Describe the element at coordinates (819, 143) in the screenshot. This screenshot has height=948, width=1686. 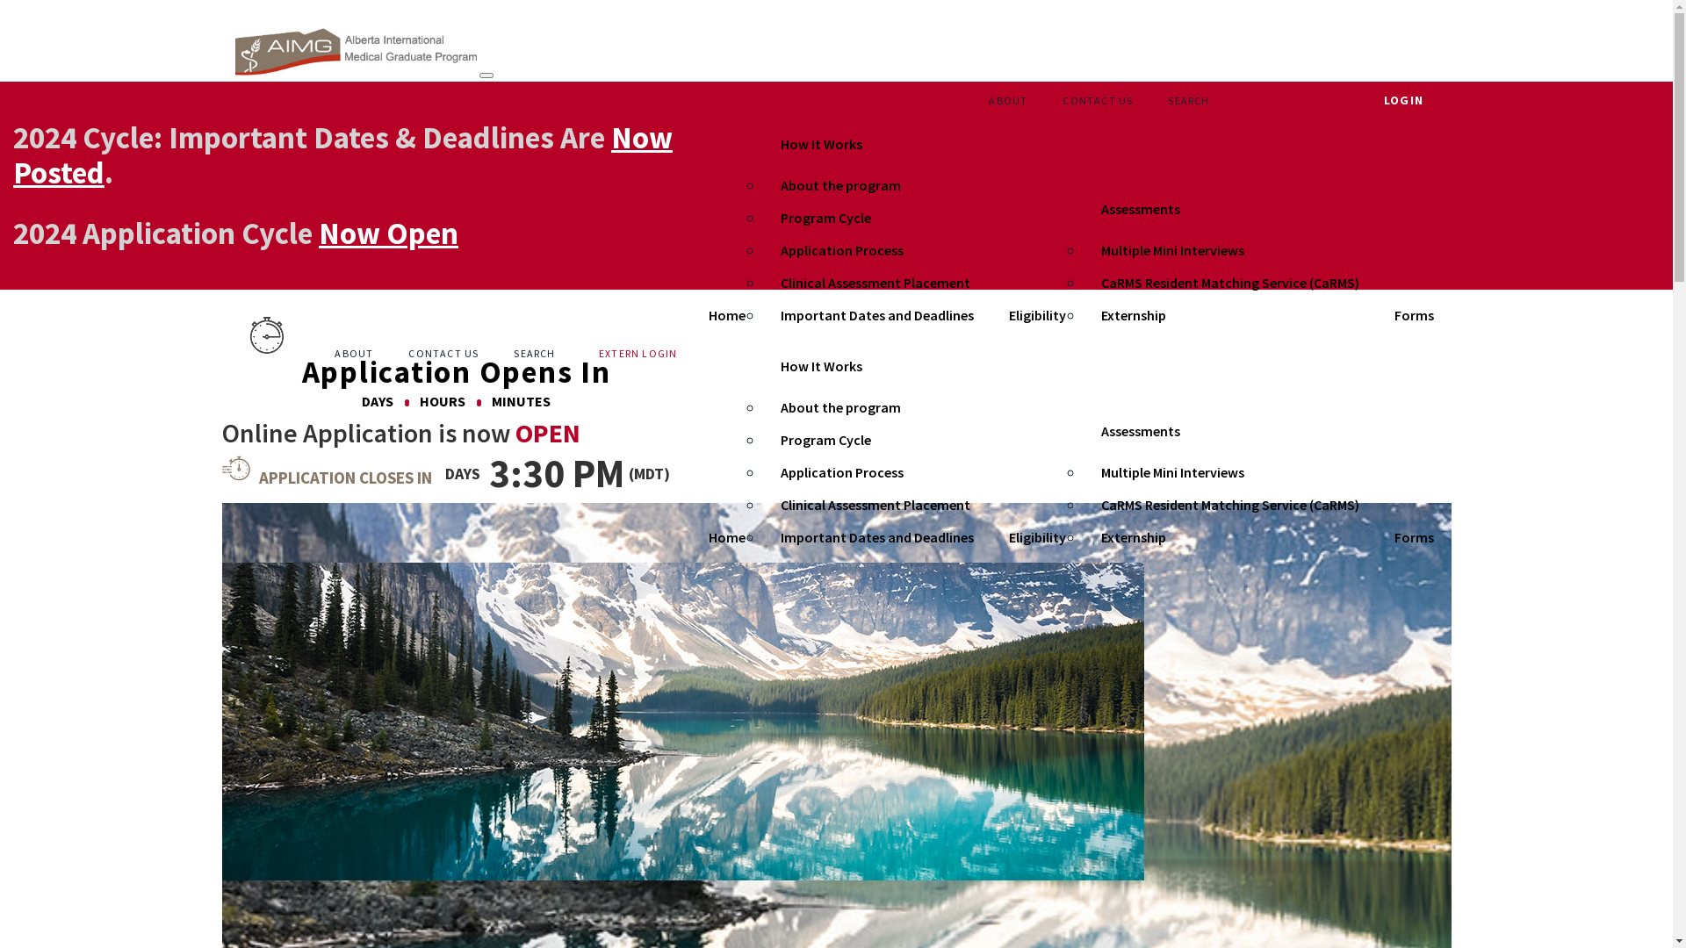
I see `'How It Works'` at that location.